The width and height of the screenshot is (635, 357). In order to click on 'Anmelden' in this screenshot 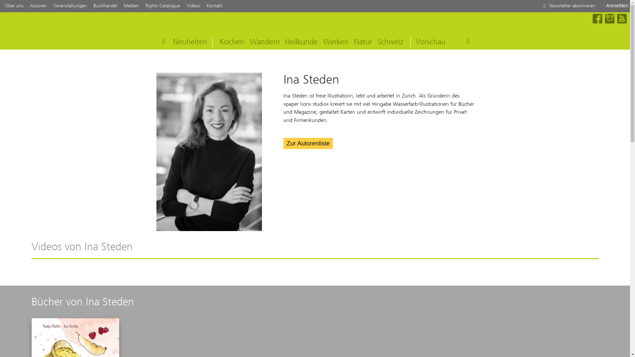, I will do `click(615, 5)`.